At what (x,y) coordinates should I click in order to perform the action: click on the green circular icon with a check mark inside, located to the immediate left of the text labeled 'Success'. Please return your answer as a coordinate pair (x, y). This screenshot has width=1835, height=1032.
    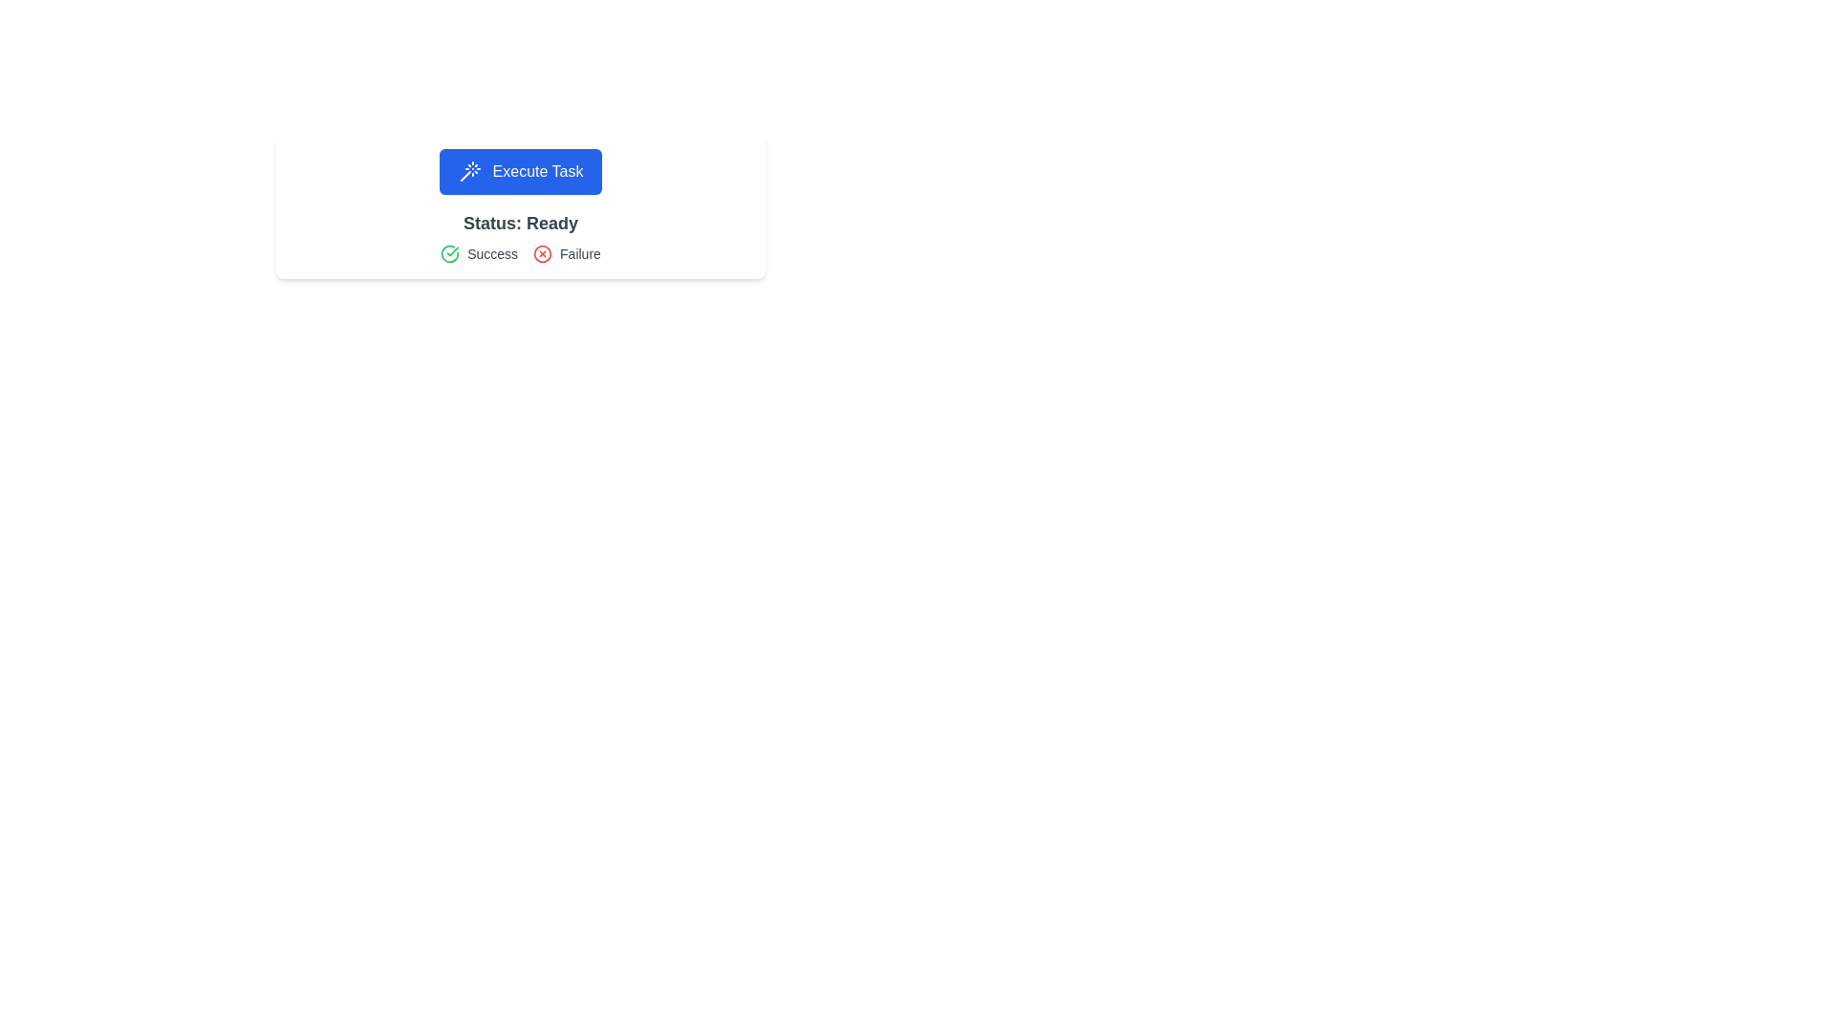
    Looking at the image, I should click on (449, 253).